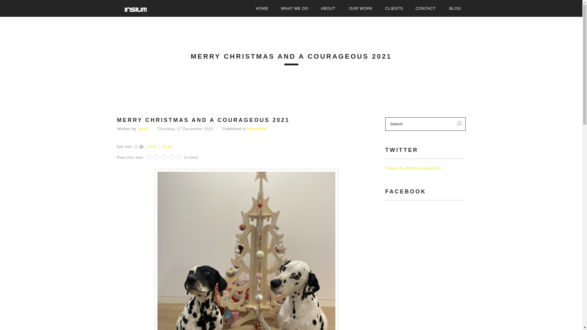  Describe the element at coordinates (257, 128) in the screenshot. I see `'Newsletter'` at that location.